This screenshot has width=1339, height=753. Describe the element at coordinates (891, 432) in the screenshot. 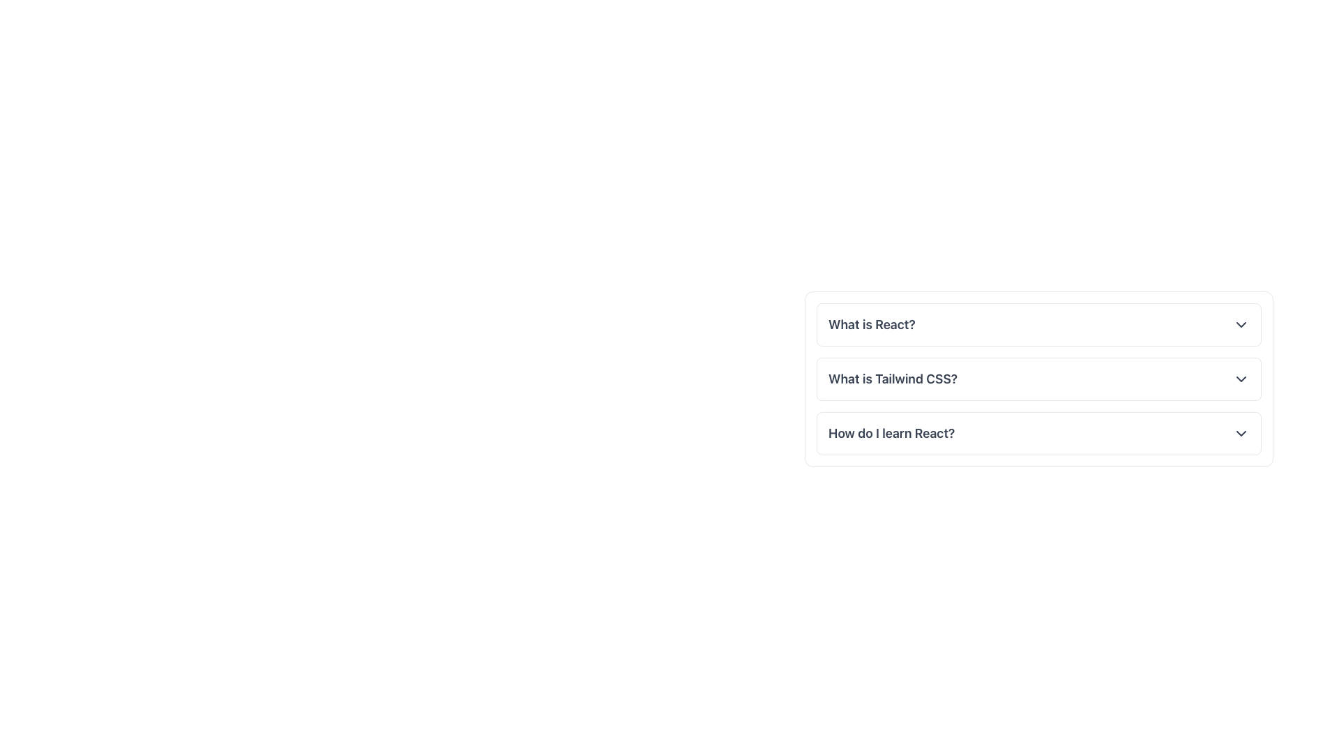

I see `the static text element displaying 'How do I learn React?' which is the primary content of the third item in a vertically stacked accordion list` at that location.